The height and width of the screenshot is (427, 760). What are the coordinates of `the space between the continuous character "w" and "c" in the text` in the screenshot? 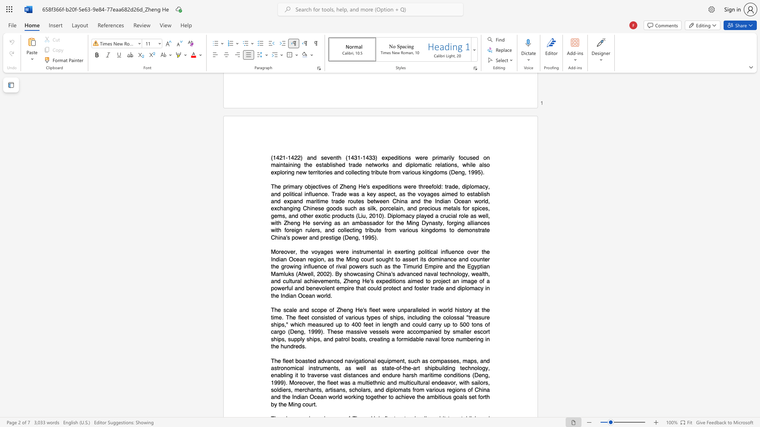 It's located at (357, 273).